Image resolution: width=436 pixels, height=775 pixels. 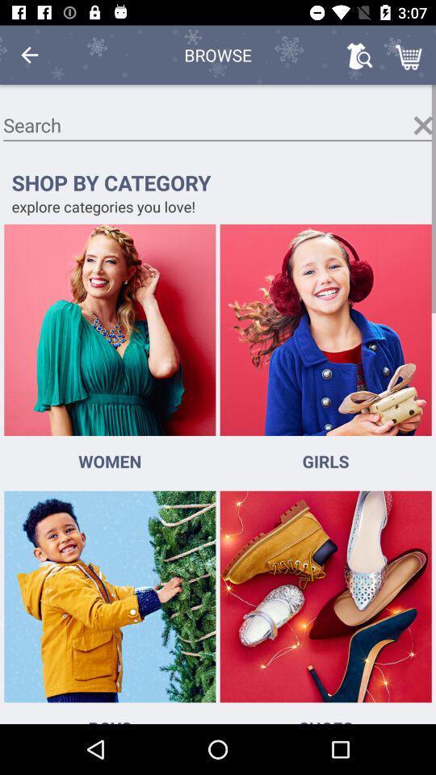 What do you see at coordinates (423, 124) in the screenshot?
I see `the search window` at bounding box center [423, 124].